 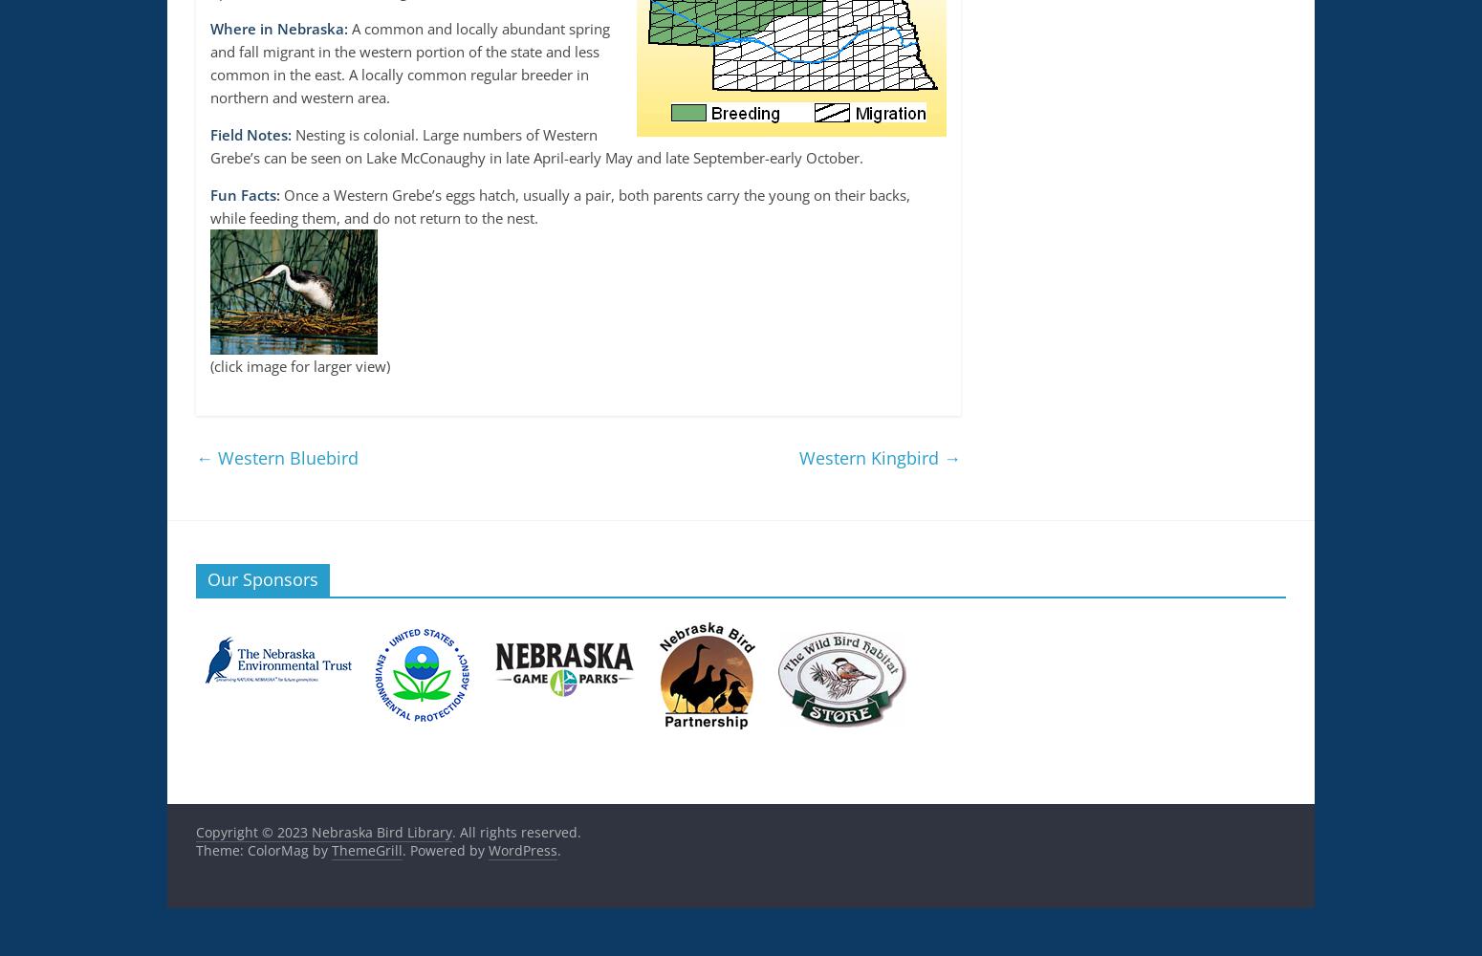 What do you see at coordinates (212, 457) in the screenshot?
I see `'Western Bluebird'` at bounding box center [212, 457].